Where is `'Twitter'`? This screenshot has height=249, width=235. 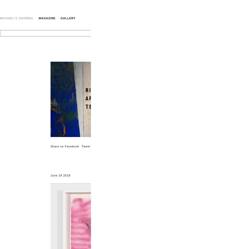
'Twitter' is located at coordinates (230, 163).